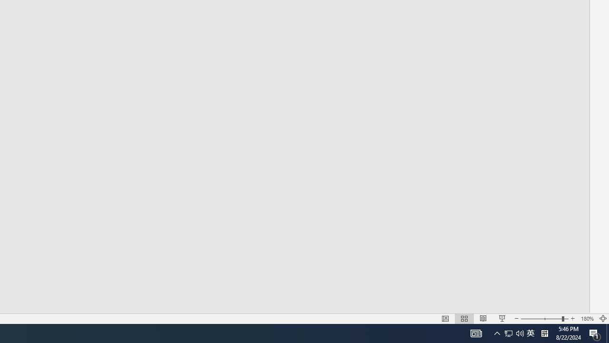 Image resolution: width=609 pixels, height=343 pixels. Describe the element at coordinates (602, 319) in the screenshot. I see `'Zoom to Fit '` at that location.